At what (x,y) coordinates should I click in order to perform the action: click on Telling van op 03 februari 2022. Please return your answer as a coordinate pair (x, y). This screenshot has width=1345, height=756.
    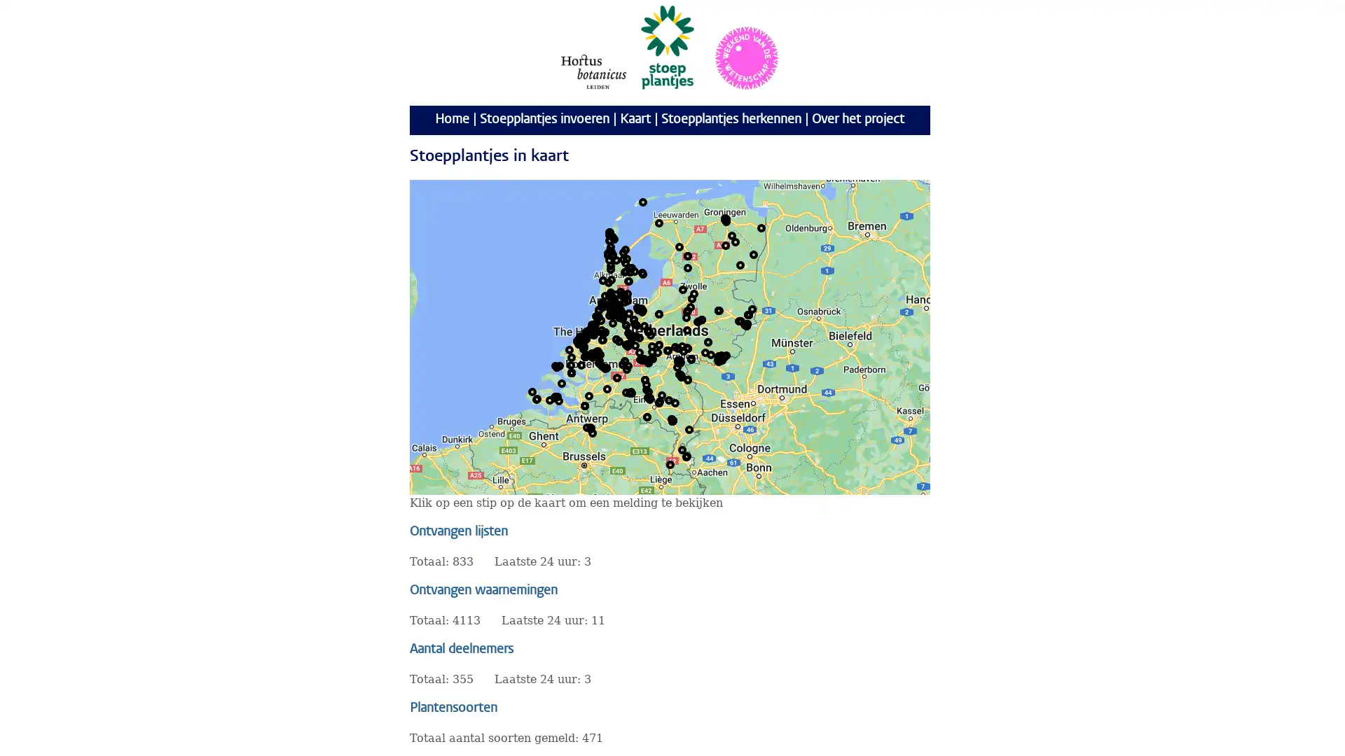
    Looking at the image, I should click on (618, 306).